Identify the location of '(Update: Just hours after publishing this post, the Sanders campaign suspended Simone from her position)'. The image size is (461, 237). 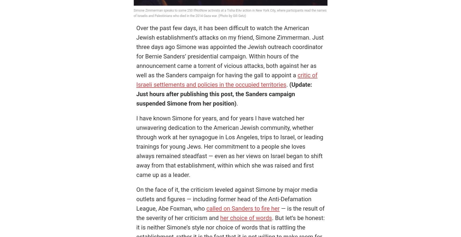
(136, 94).